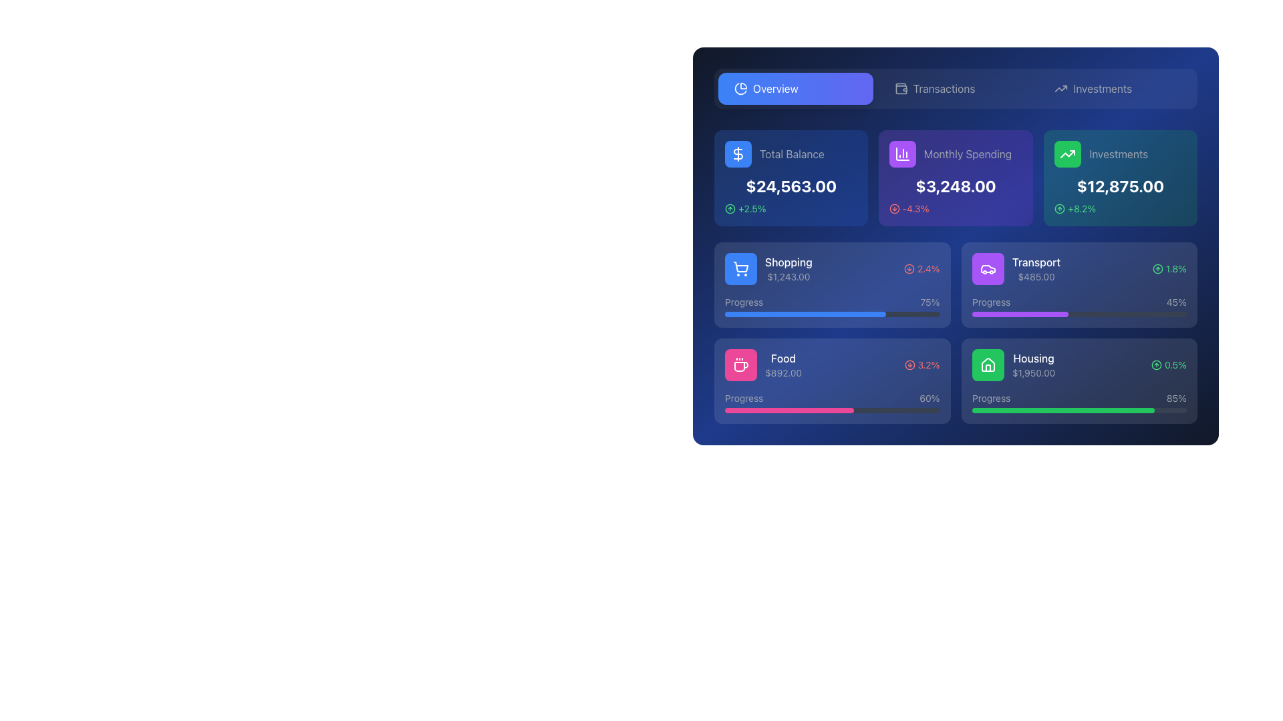 The width and height of the screenshot is (1283, 721). Describe the element at coordinates (1116, 88) in the screenshot. I see `the 'Investments' button located near the top of the layout` at that location.